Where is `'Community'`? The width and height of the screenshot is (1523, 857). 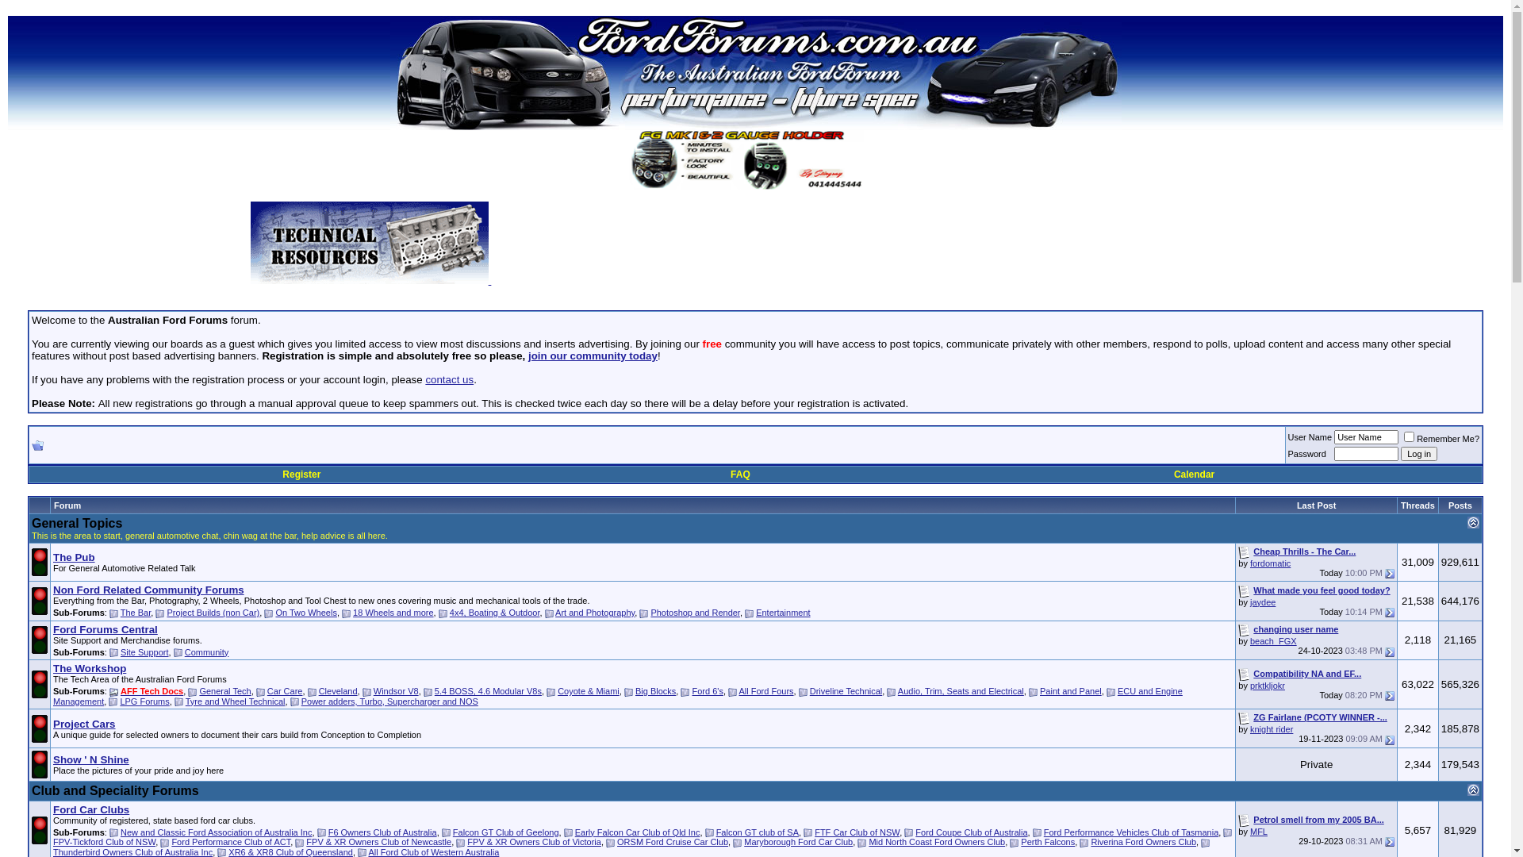
'Community' is located at coordinates (205, 651).